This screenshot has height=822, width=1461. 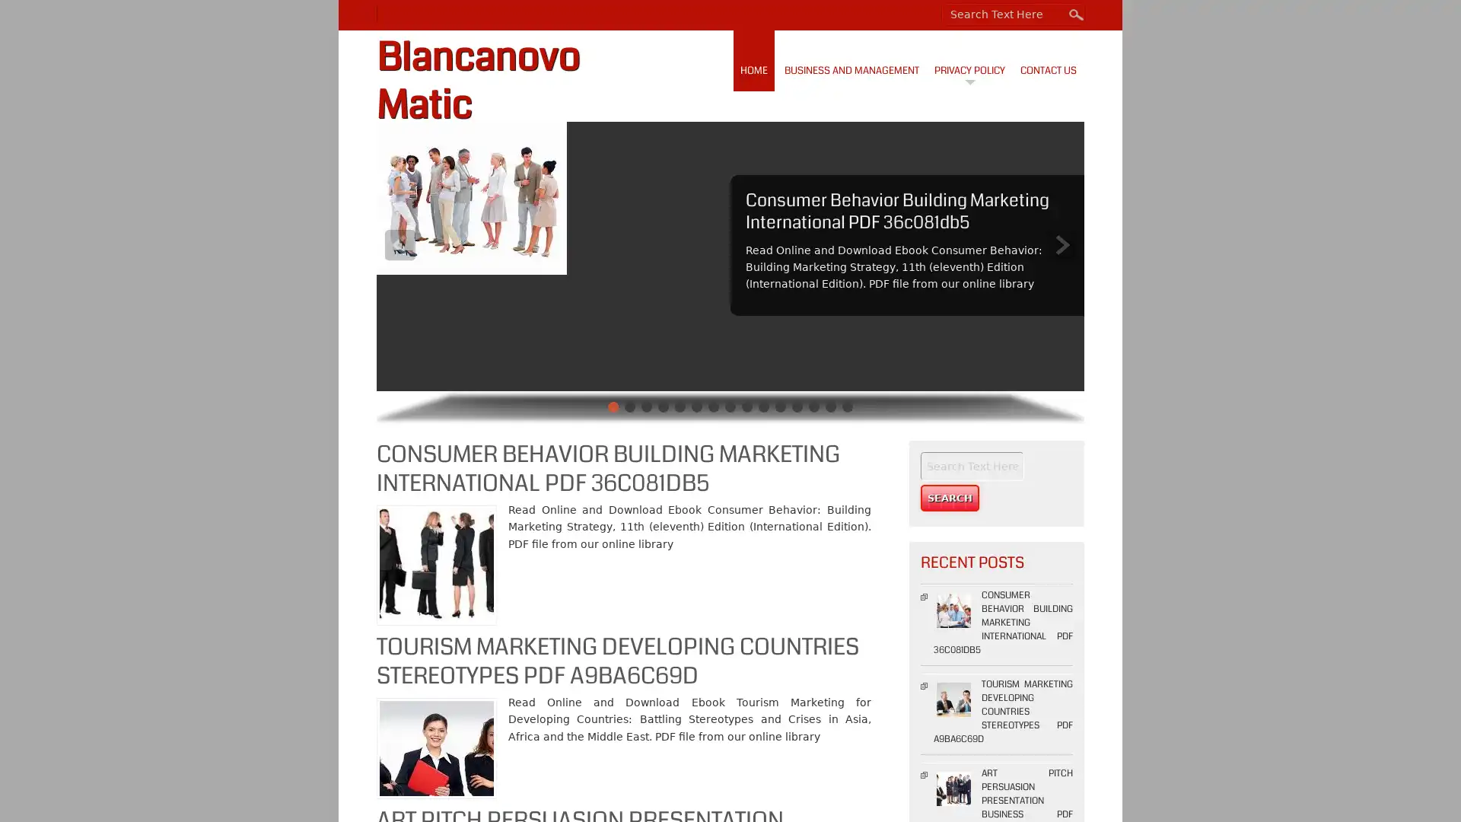 What do you see at coordinates (949, 498) in the screenshot?
I see `Search` at bounding box center [949, 498].